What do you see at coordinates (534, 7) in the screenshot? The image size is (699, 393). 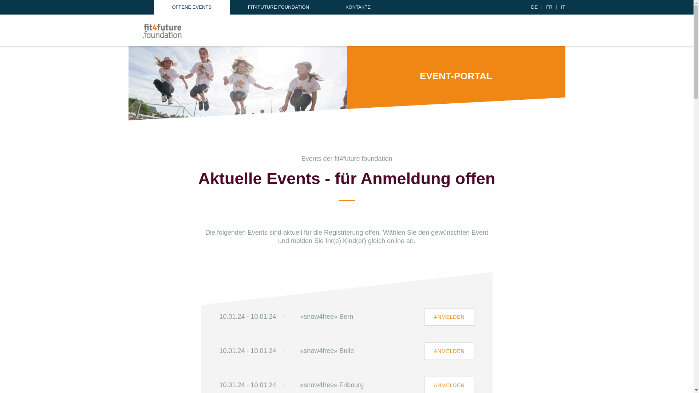 I see `'DE'` at bounding box center [534, 7].